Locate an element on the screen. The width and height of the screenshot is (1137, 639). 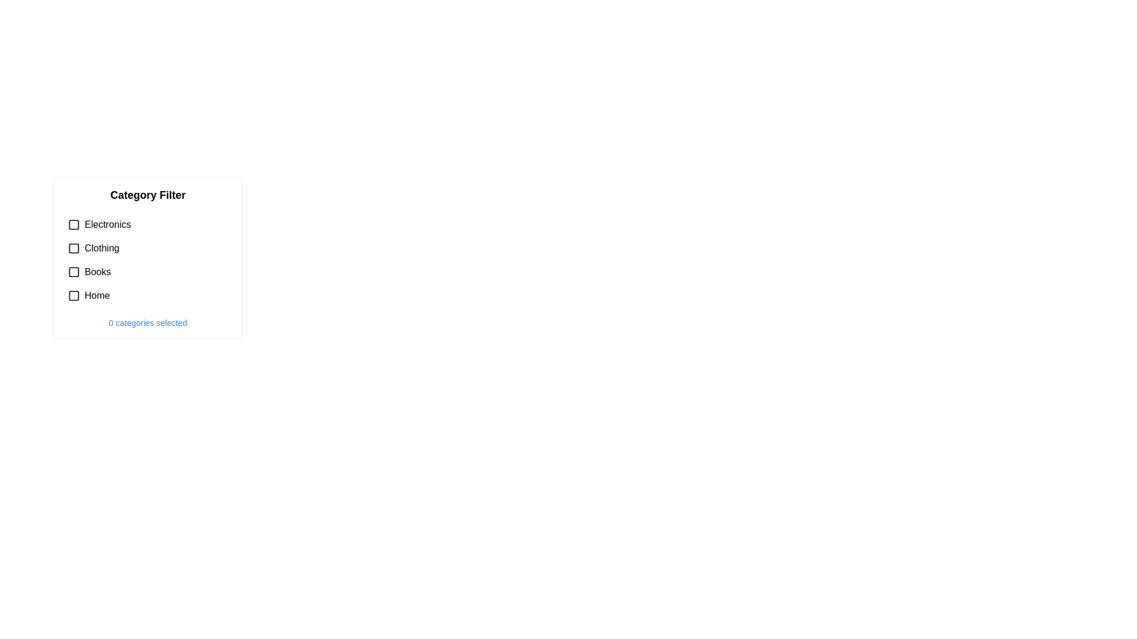
the checkbox for the 'Electronics' category is located at coordinates (147, 225).